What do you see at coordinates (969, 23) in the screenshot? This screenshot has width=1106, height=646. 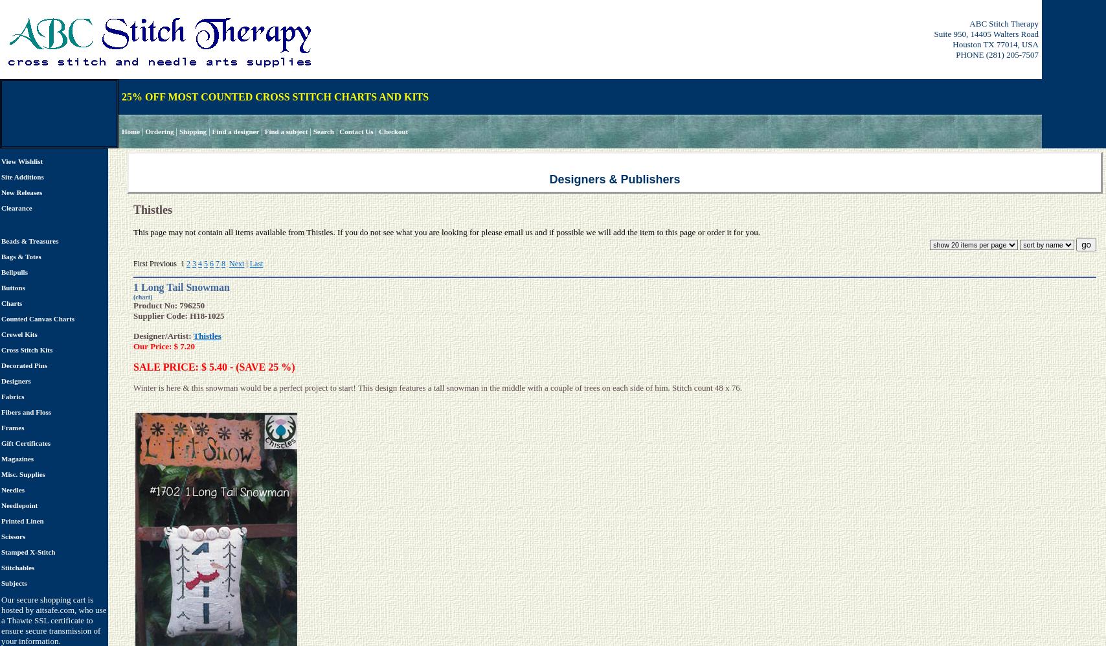 I see `'ABC Stitch Therapy'` at bounding box center [969, 23].